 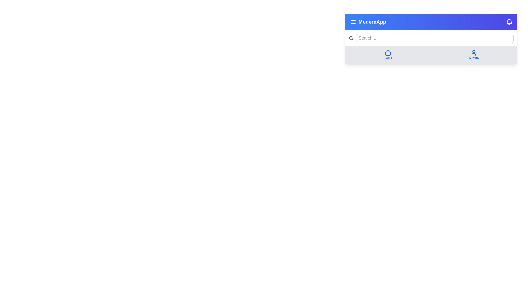 What do you see at coordinates (388, 53) in the screenshot?
I see `the house-shaped icon in the navigation bar` at bounding box center [388, 53].